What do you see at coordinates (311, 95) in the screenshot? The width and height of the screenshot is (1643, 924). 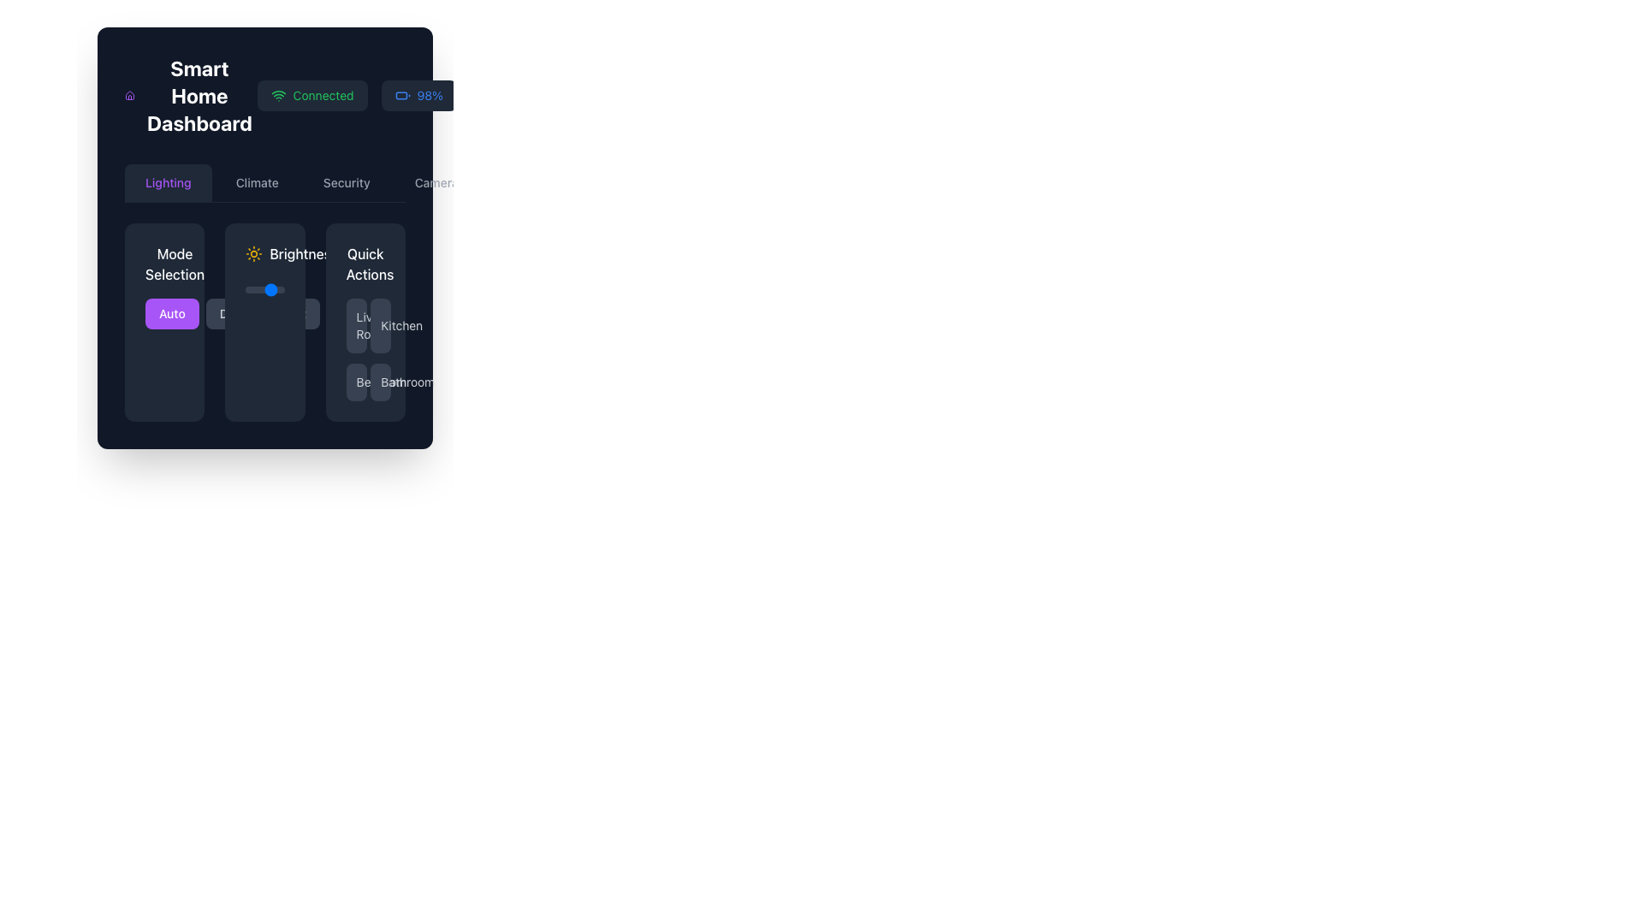 I see `the 'Connected' Status indicator button located at the top-right of the 'Smart Home Dashboard'` at bounding box center [311, 95].